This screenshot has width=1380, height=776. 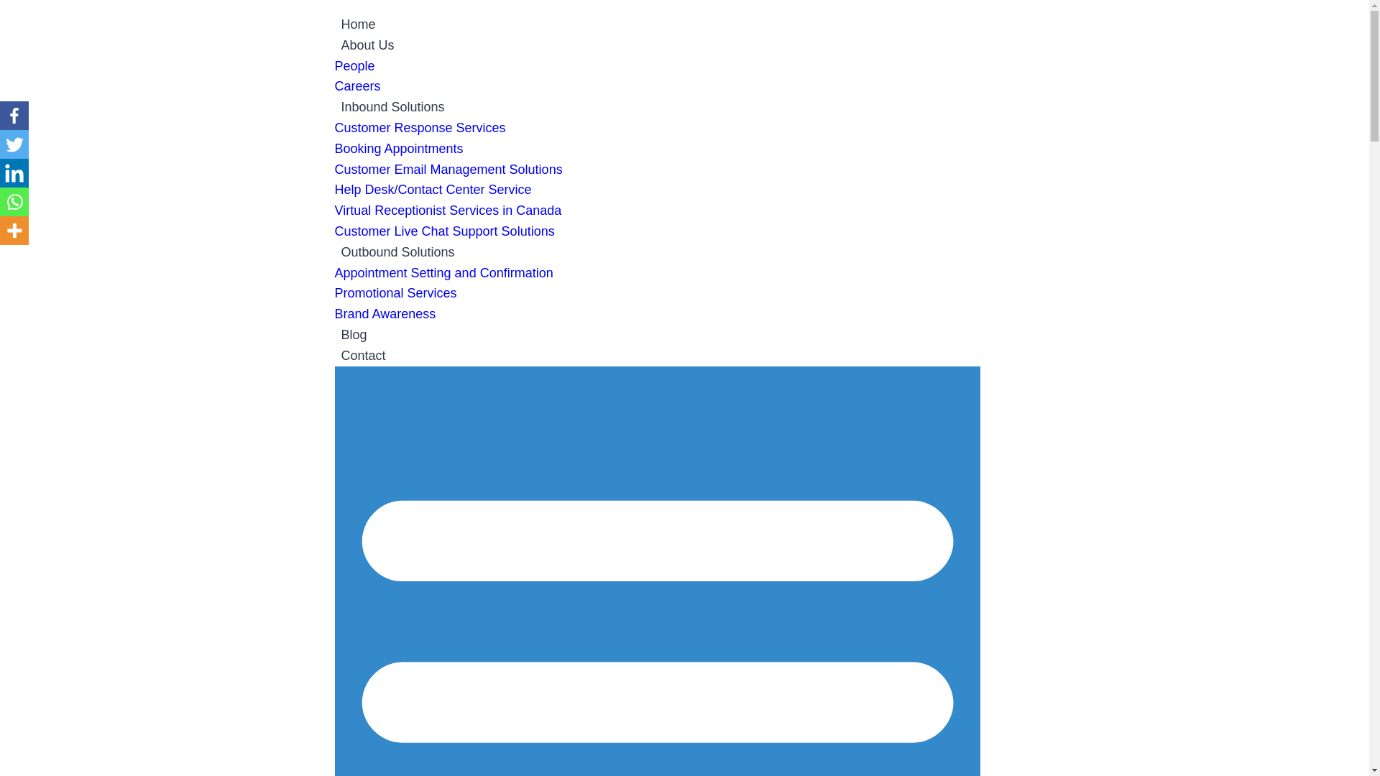 I want to click on 'More', so click(x=14, y=229).